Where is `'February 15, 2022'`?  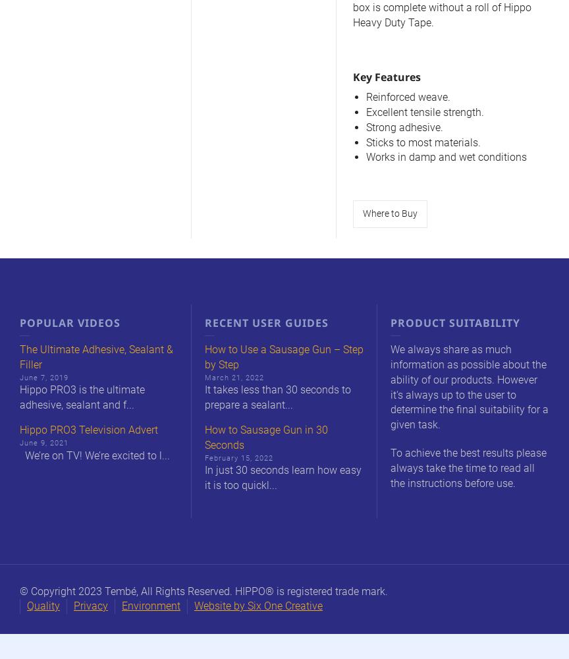
'February 15, 2022' is located at coordinates (238, 457).